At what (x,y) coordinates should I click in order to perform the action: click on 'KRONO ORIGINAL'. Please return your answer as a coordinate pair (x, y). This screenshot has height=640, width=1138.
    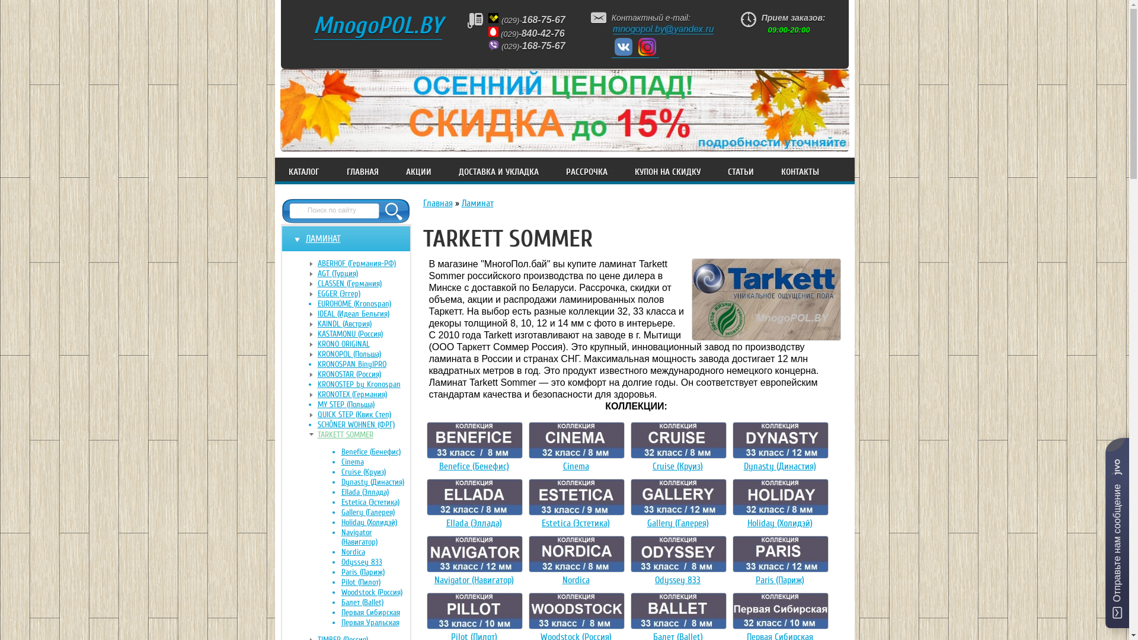
    Looking at the image, I should click on (363, 344).